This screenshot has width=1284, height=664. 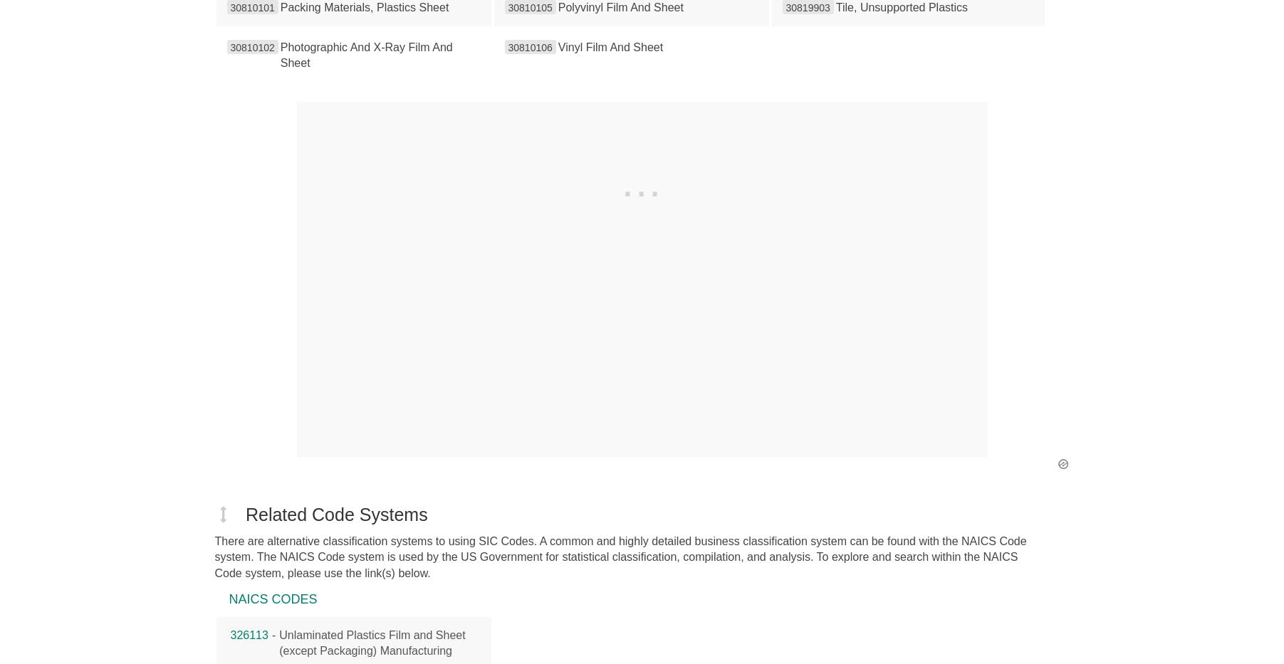 What do you see at coordinates (620, 557) in the screenshot?
I see `'There are alternative classification systems to using SIC Codes. A common and highly detailed business classification system can be found with the NAICS Code system. The NAICS Code system is used by the US Government for statistical classification, compilation, and analysis. To explore and search within the NAICS Code system, please use the link(s) below.'` at bounding box center [620, 557].